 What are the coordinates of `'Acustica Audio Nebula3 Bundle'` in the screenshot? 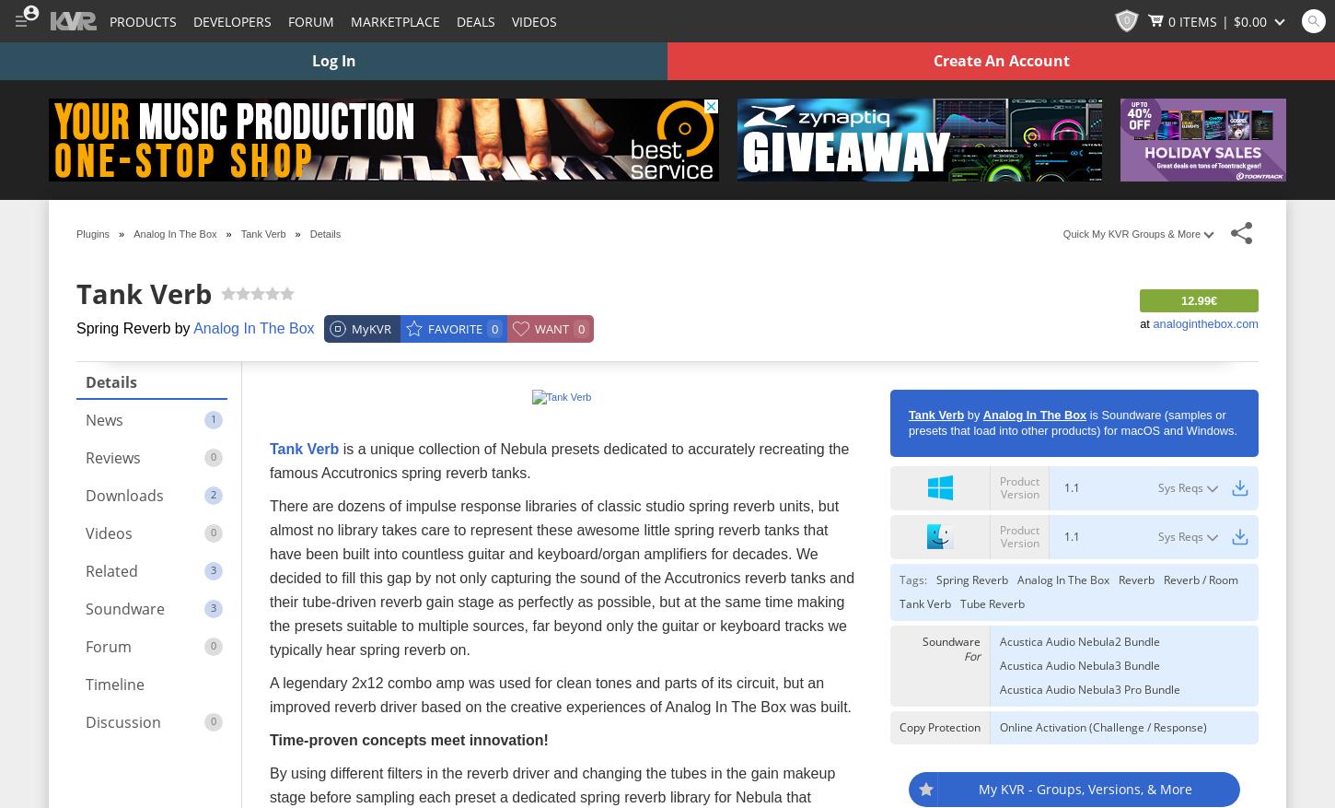 It's located at (1079, 664).